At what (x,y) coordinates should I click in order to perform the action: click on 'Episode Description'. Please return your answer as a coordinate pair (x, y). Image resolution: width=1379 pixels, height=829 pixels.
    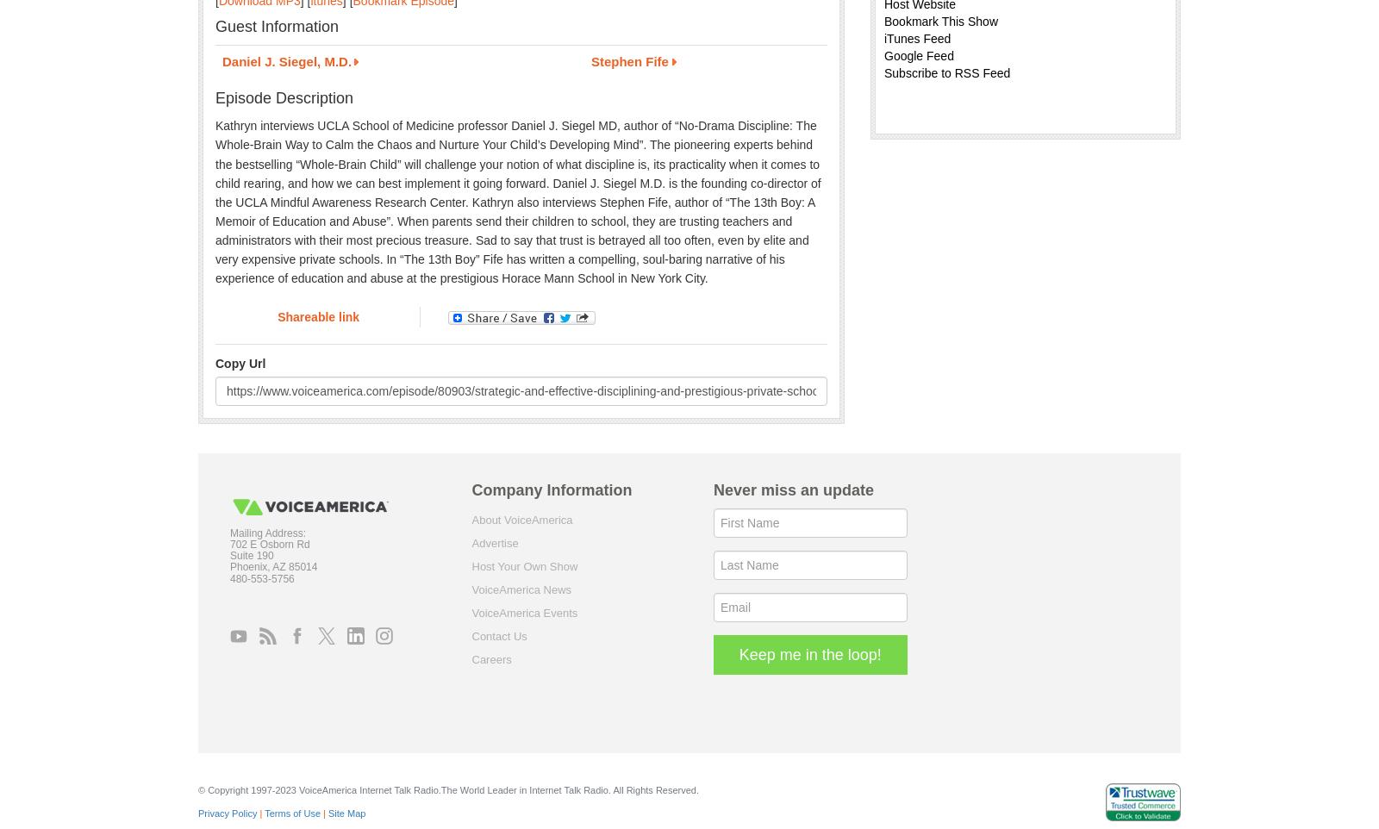
    Looking at the image, I should click on (284, 97).